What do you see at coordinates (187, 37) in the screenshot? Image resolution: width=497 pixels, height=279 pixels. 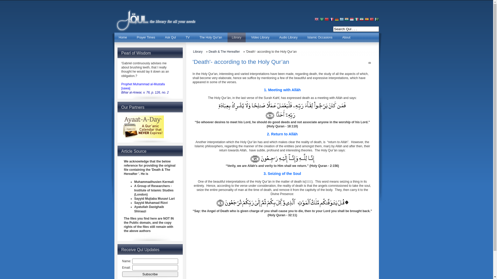 I see `'TV'` at bounding box center [187, 37].